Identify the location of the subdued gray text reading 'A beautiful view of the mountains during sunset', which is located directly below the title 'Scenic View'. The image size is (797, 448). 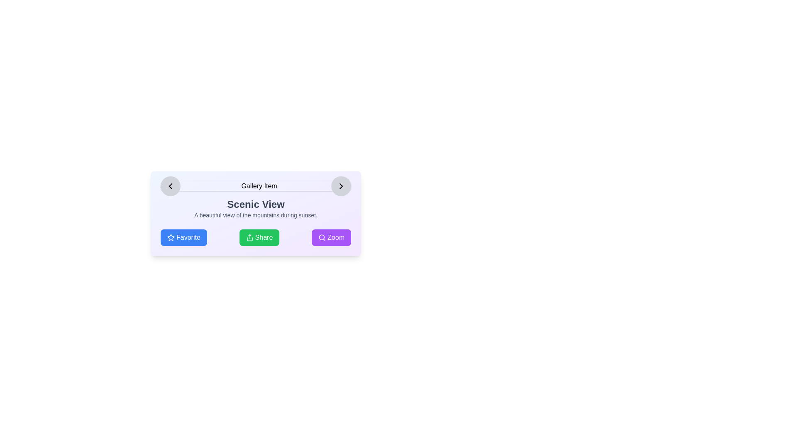
(255, 215).